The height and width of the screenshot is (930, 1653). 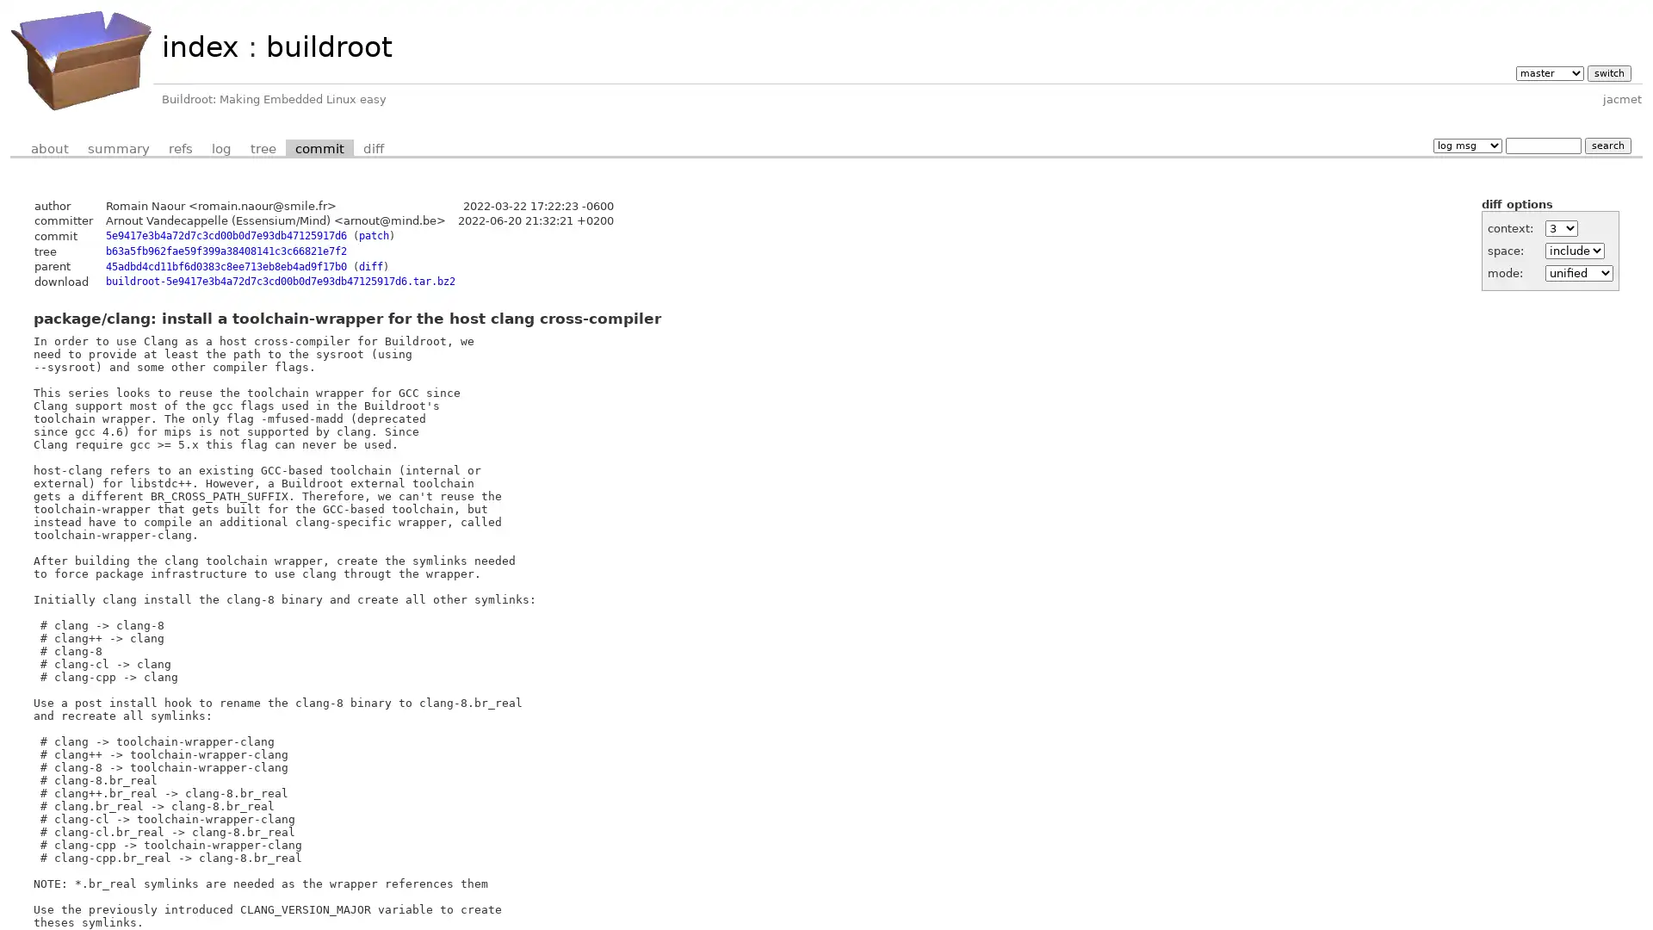 I want to click on search, so click(x=1607, y=144).